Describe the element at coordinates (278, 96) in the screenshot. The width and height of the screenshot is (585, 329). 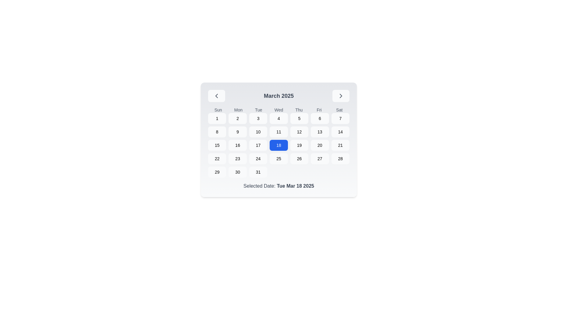
I see `the static text label displaying 'March 2025' at the top of the calendar interface to get the current month and year` at that location.